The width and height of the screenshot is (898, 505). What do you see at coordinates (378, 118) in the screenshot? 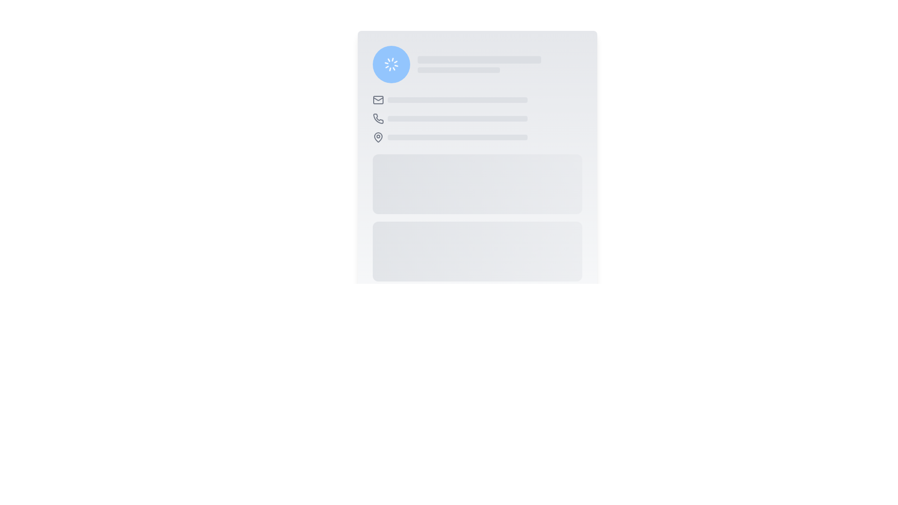
I see `the phone or contact icon, which is the second icon in a vertical list near the top-left of a card layout` at bounding box center [378, 118].